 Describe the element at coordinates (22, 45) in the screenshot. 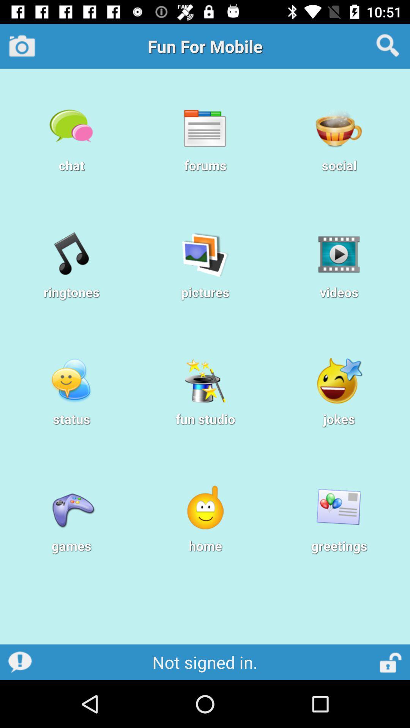

I see `the photo icon` at that location.